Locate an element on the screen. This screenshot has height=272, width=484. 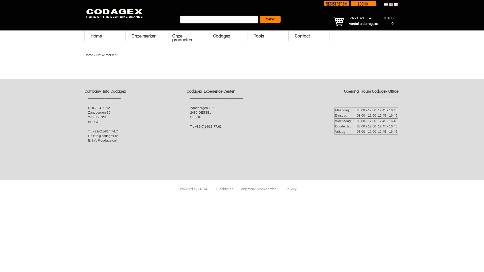
'Algemene voorwaarden' is located at coordinates (240, 189).